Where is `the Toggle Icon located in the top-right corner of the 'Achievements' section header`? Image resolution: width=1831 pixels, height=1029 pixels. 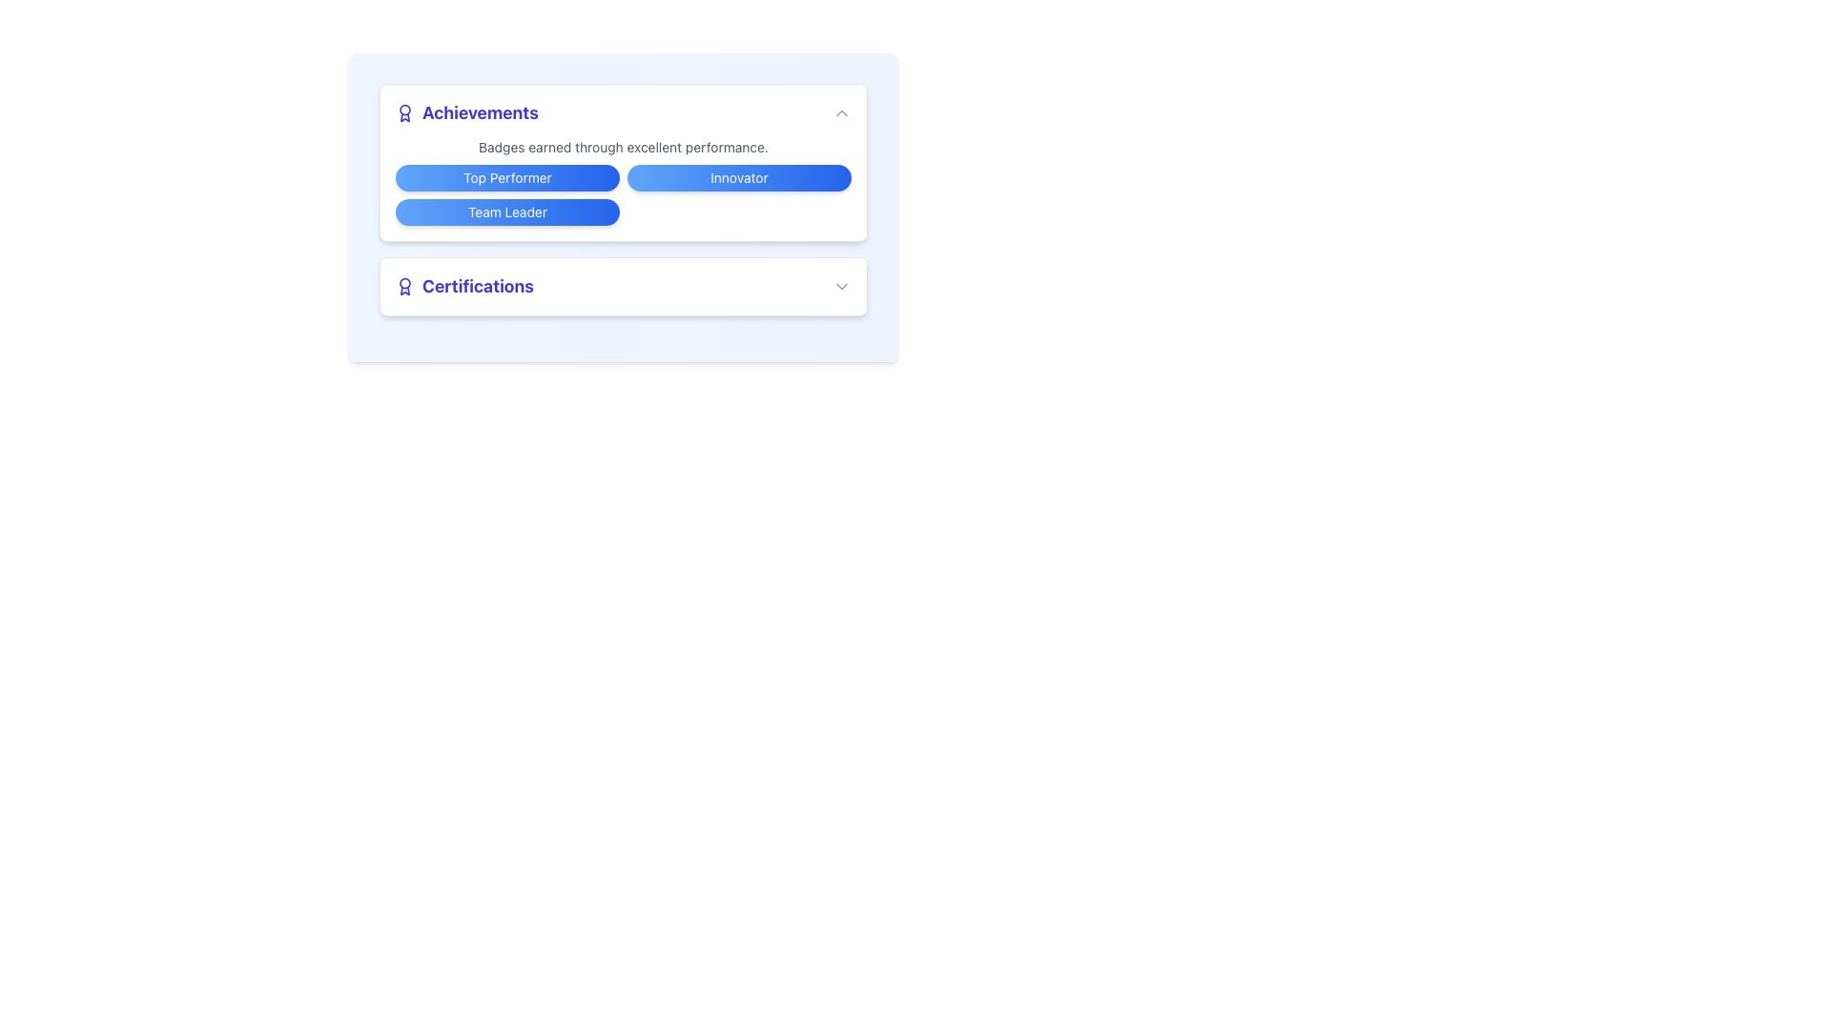 the Toggle Icon located in the top-right corner of the 'Achievements' section header is located at coordinates (841, 113).